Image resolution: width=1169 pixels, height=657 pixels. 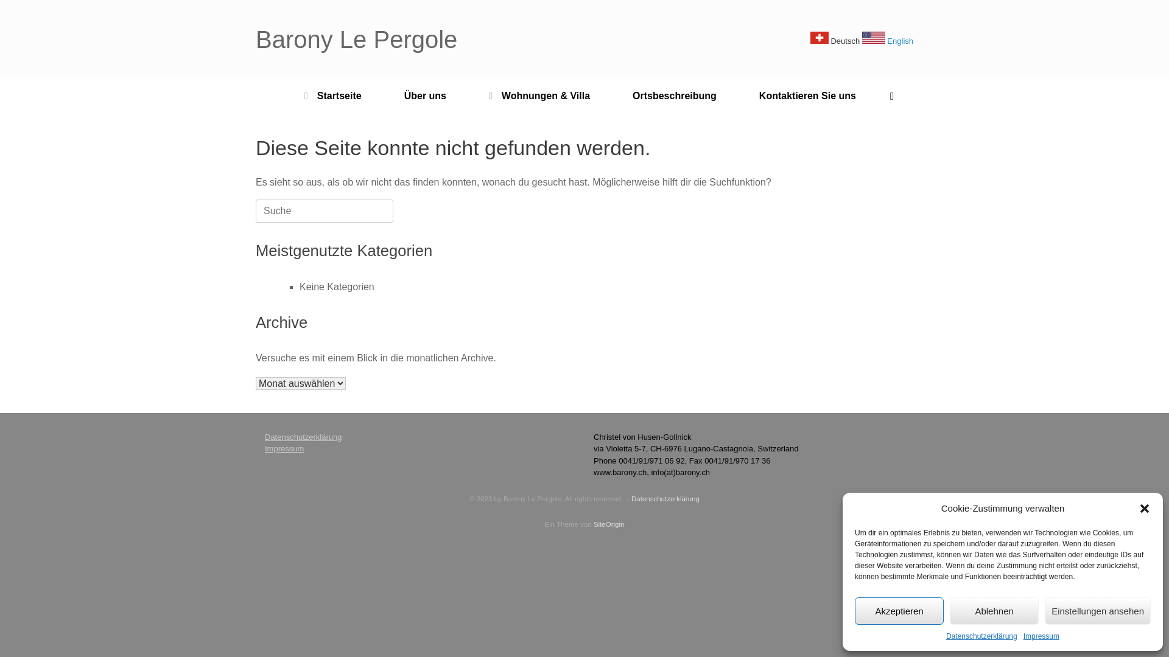 I want to click on 'Kontaktieren Sie uns', so click(x=807, y=96).